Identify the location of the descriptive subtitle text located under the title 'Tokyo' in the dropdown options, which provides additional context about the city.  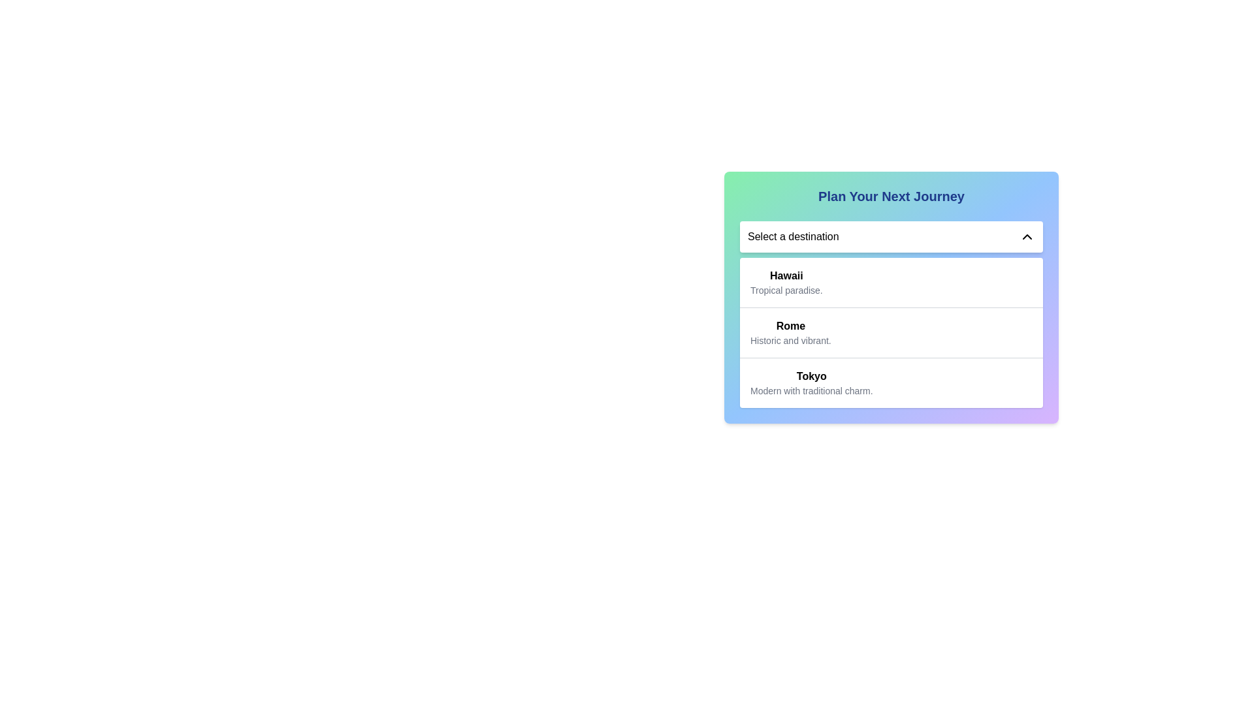
(811, 390).